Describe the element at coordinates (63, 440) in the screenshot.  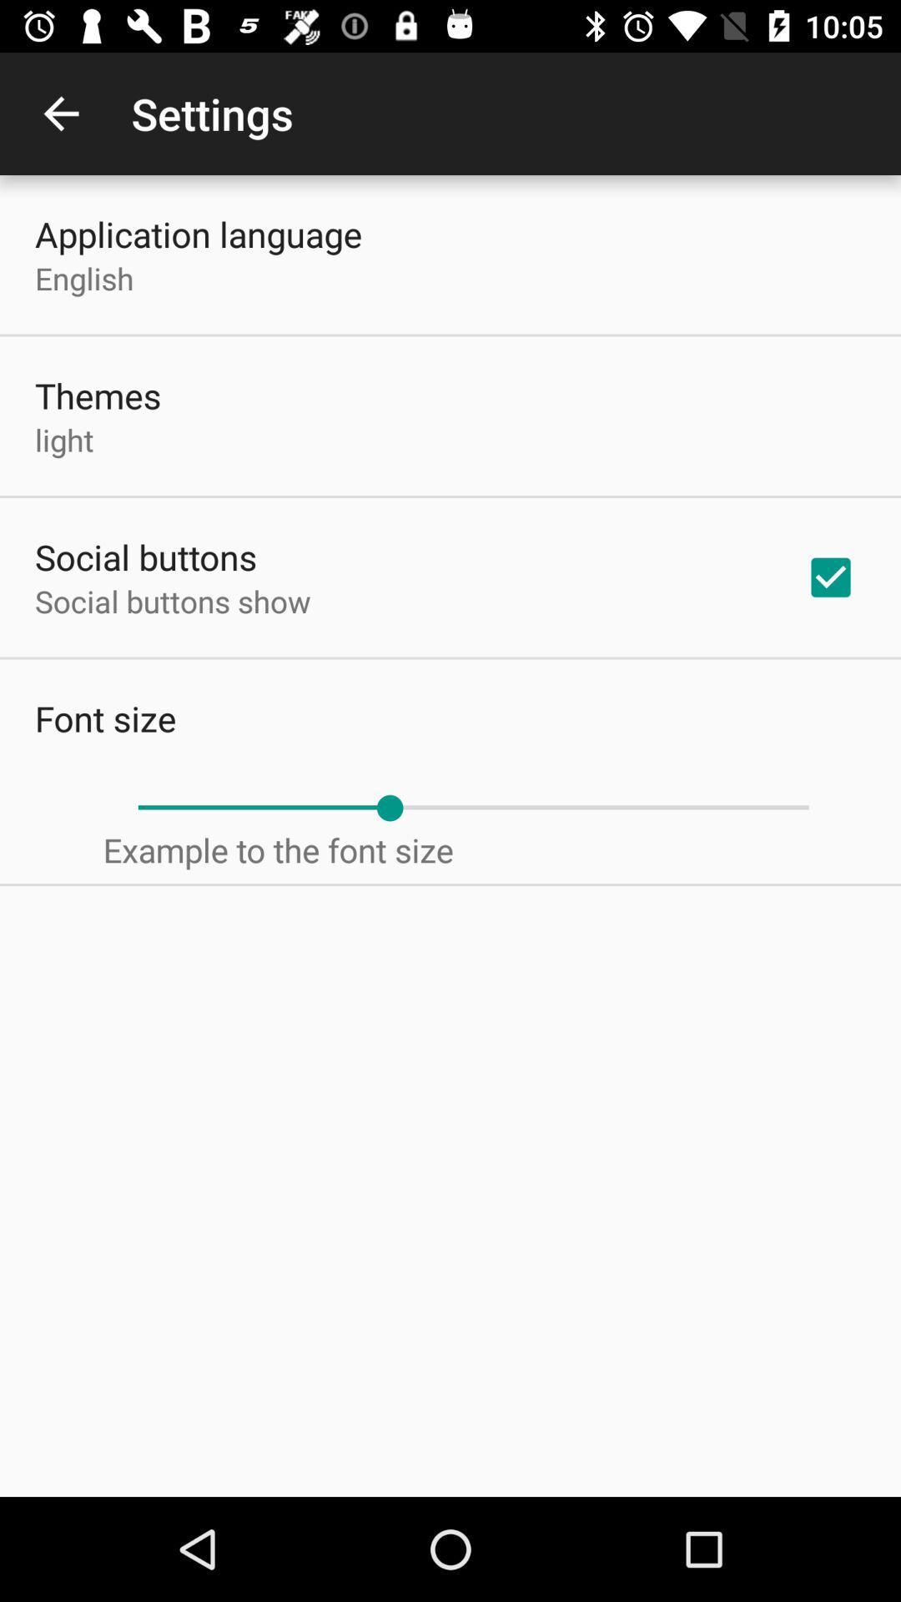
I see `the item above the social buttons icon` at that location.